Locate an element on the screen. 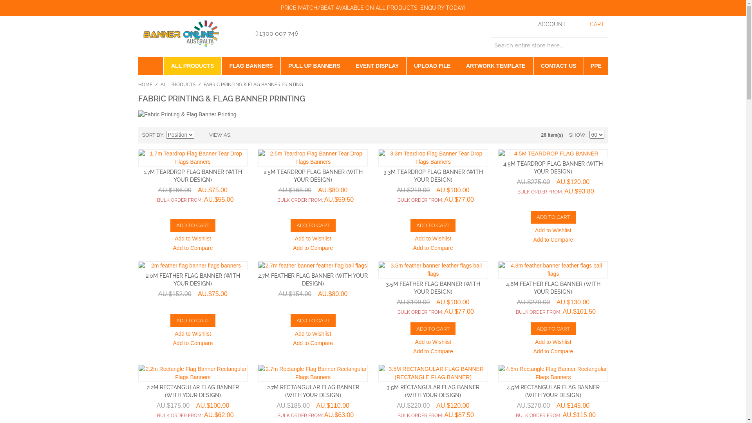  'Add to Compare' is located at coordinates (193, 249).